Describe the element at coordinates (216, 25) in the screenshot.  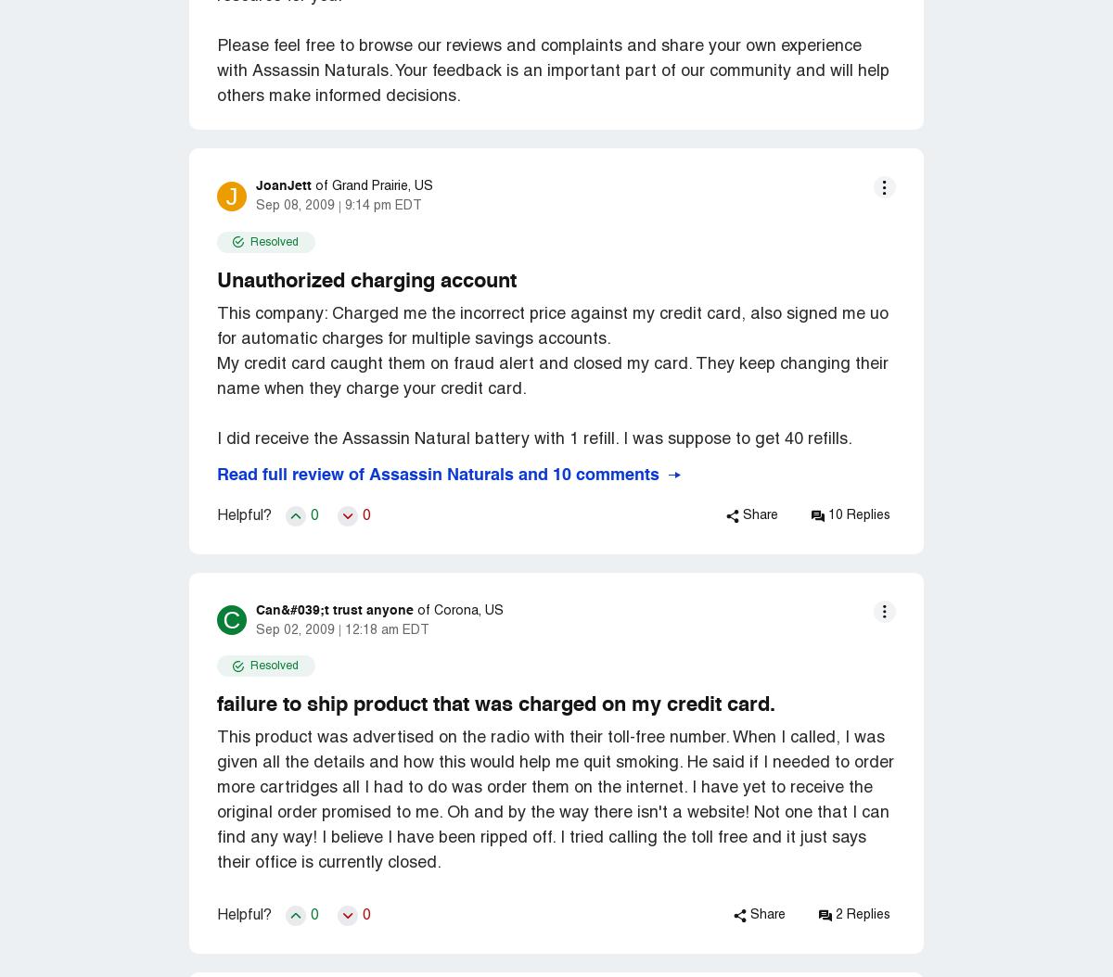
I see `'Commense'` at that location.